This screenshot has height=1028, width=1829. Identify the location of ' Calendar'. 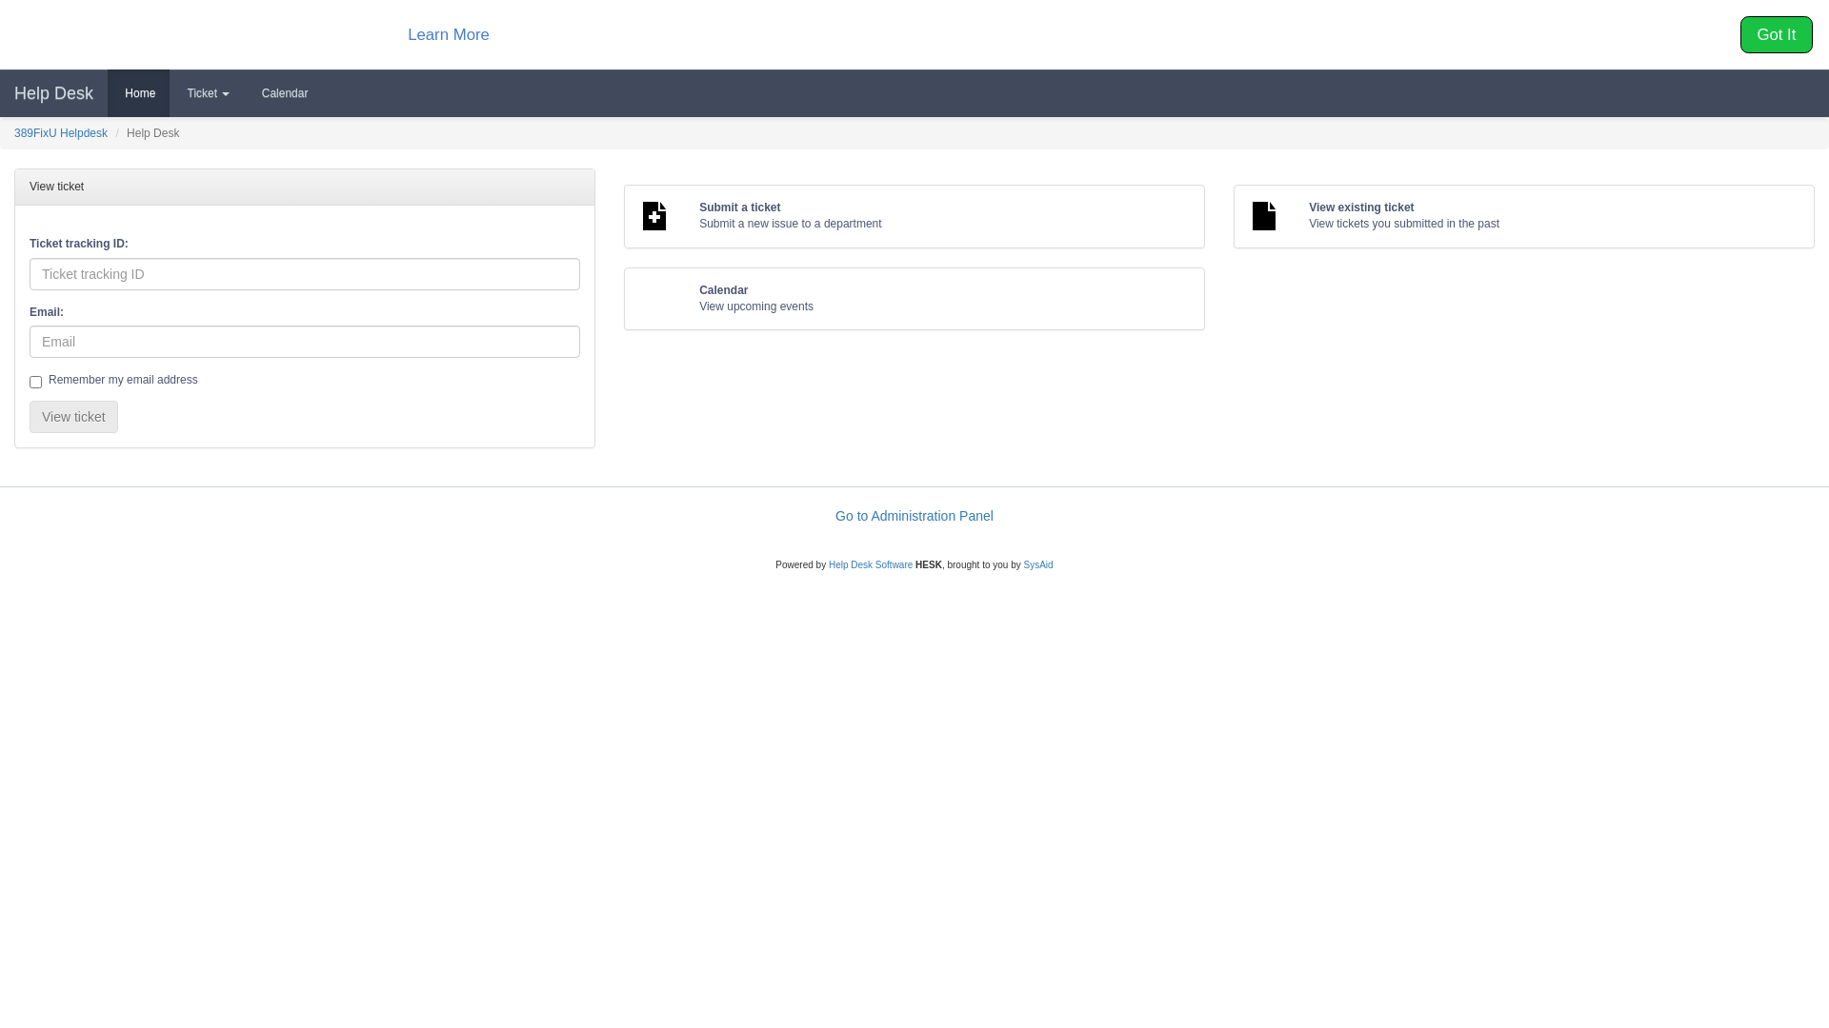
(282, 92).